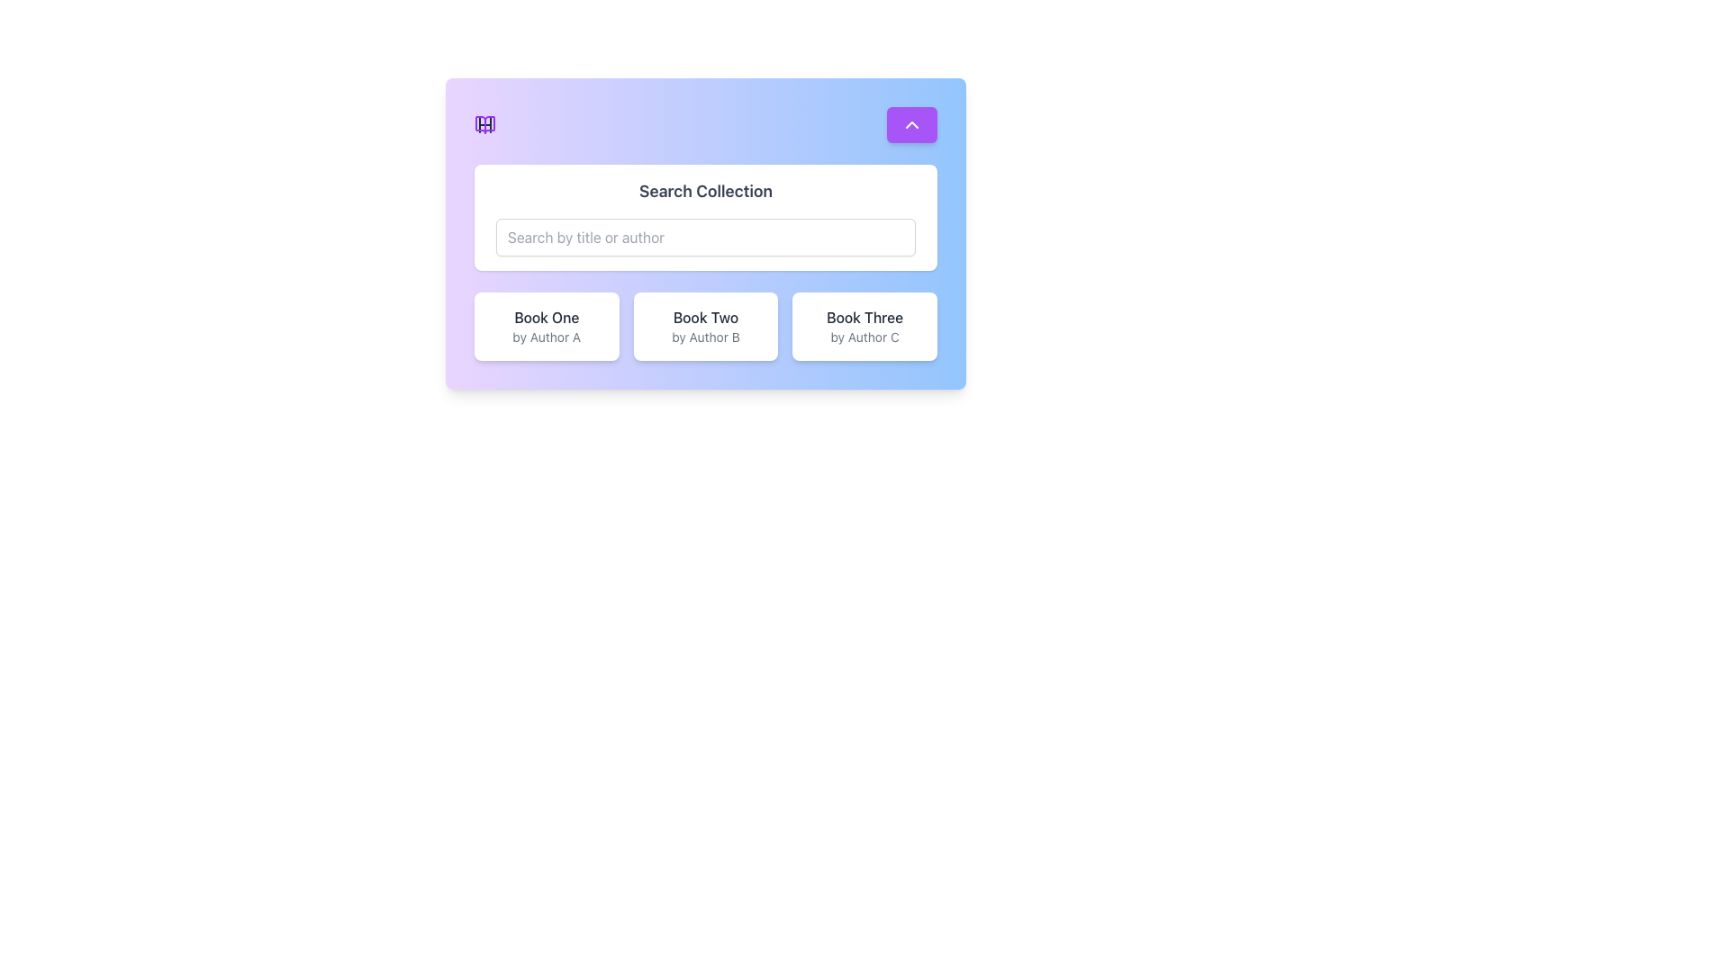 This screenshot has height=972, width=1729. What do you see at coordinates (911, 123) in the screenshot?
I see `the chevron-up icon located centrally within the purple button in the top-right corner of the interface panel` at bounding box center [911, 123].